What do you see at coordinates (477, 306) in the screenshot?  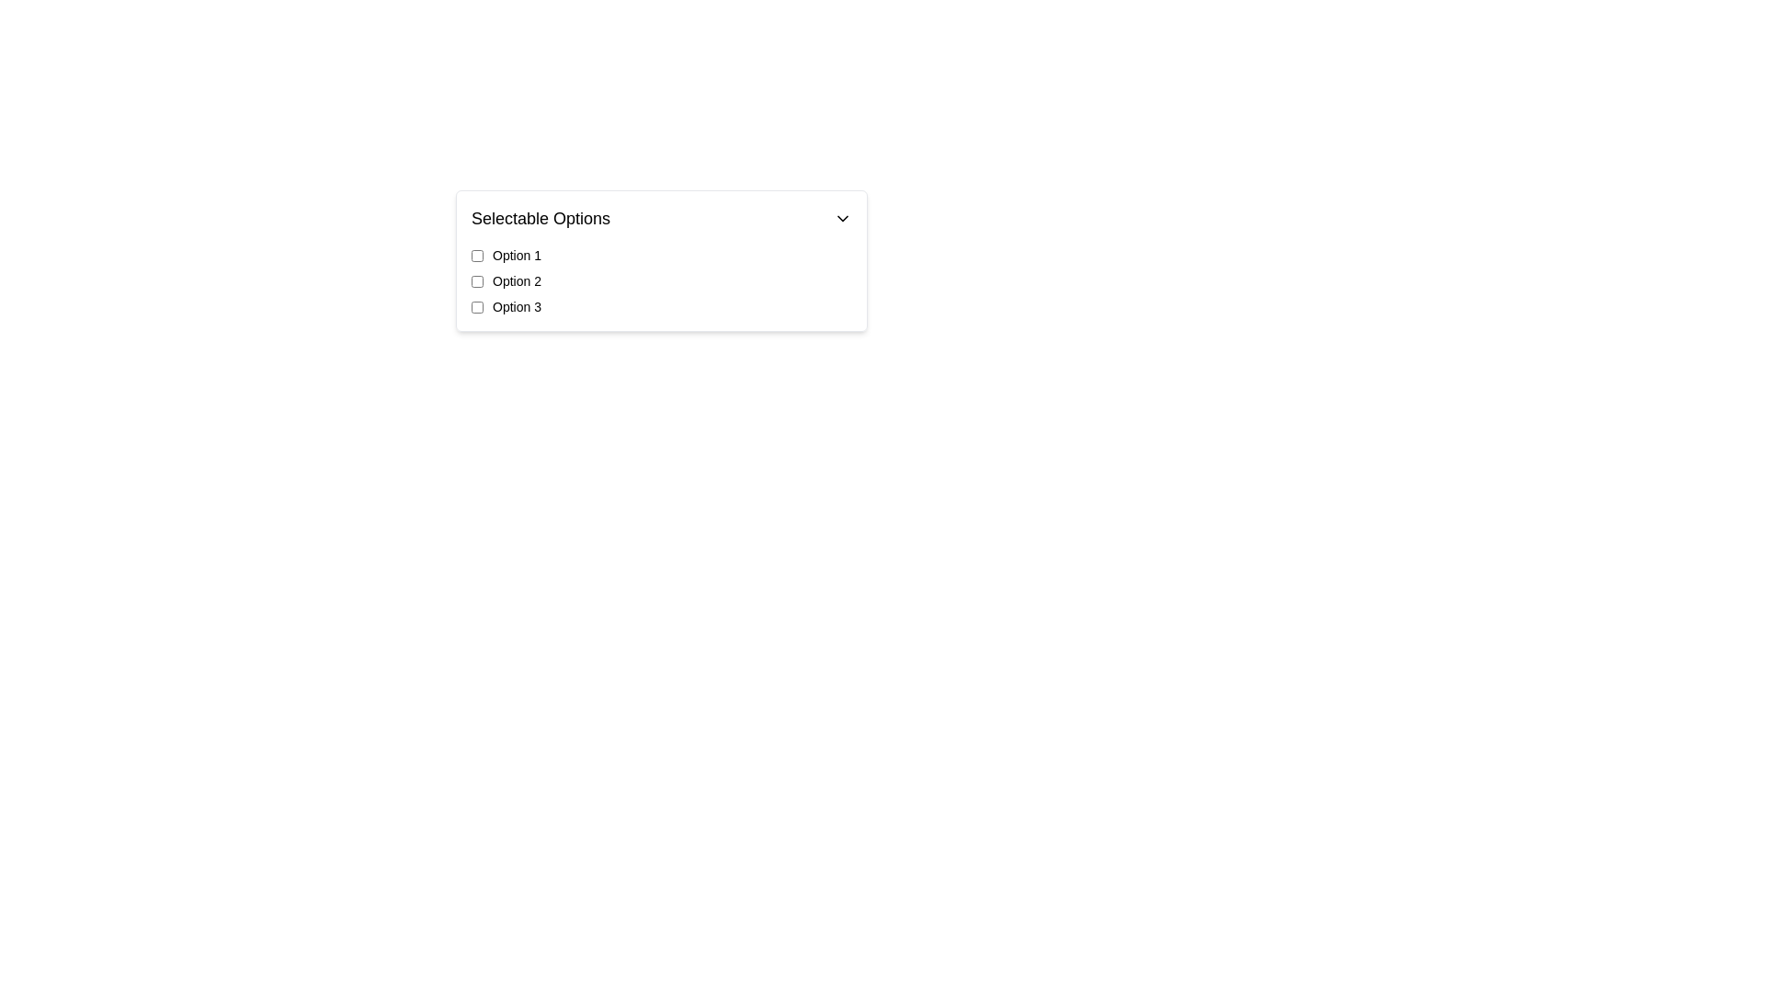 I see `the checkbox for 'Option 3'` at bounding box center [477, 306].